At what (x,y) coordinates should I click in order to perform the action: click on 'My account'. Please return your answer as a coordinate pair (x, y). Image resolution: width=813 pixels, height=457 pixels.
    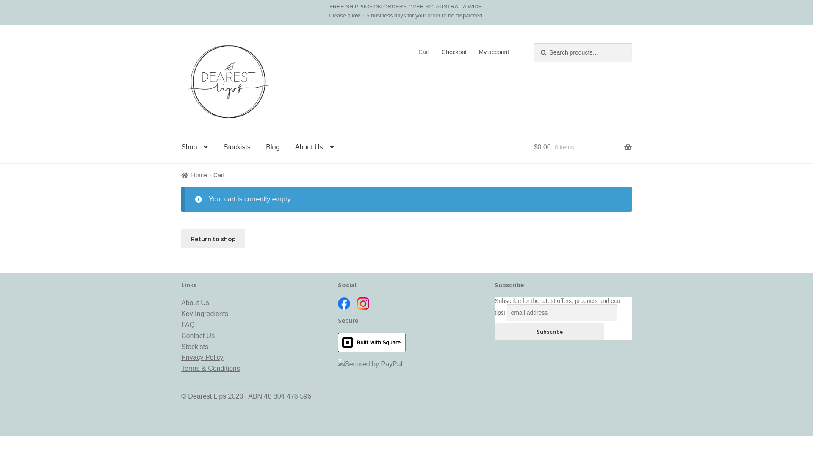
    Looking at the image, I should click on (473, 52).